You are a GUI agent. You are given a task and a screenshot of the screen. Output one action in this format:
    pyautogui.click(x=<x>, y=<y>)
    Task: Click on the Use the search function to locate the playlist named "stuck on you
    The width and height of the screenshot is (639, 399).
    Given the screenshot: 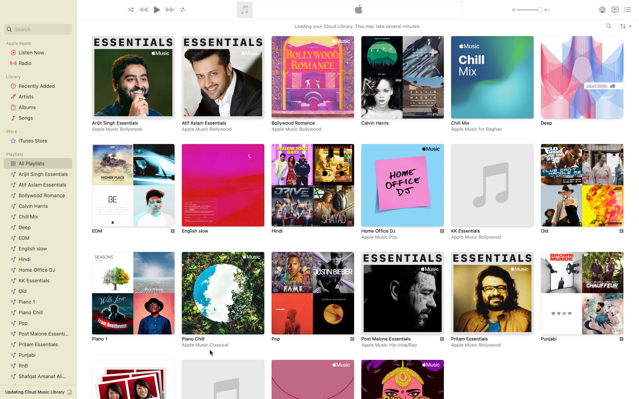 What is the action you would take?
    pyautogui.click(x=37, y=29)
    